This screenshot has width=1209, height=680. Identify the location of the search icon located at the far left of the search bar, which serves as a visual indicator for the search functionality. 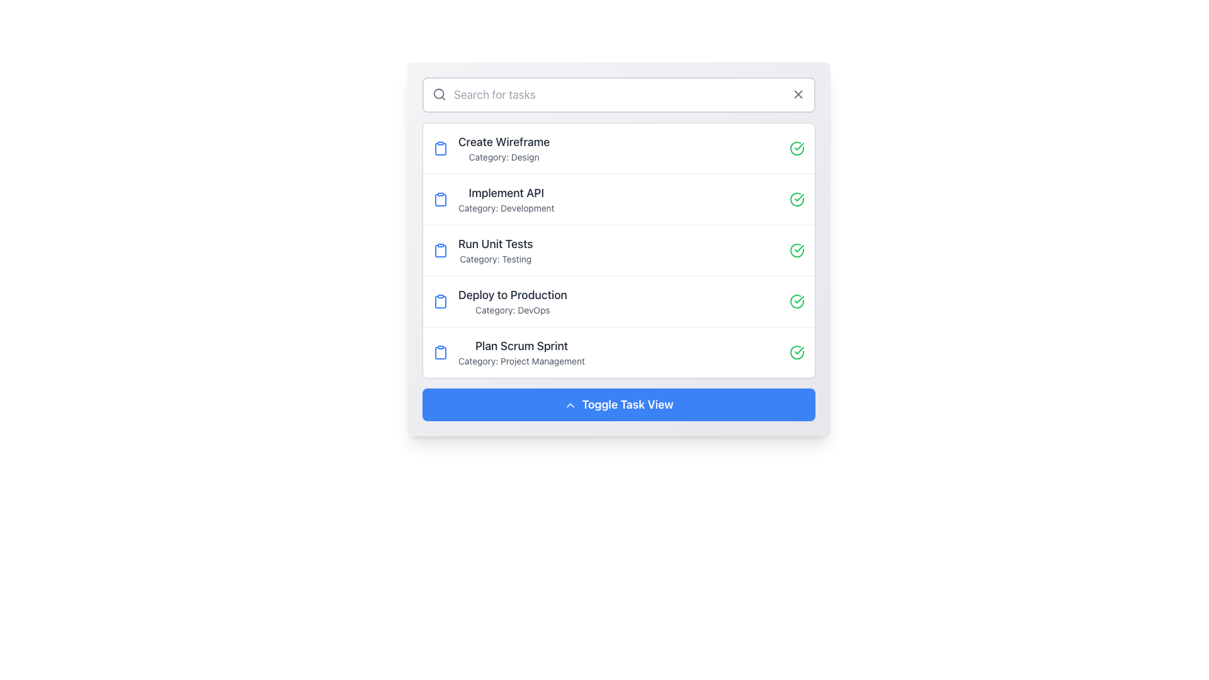
(439, 94).